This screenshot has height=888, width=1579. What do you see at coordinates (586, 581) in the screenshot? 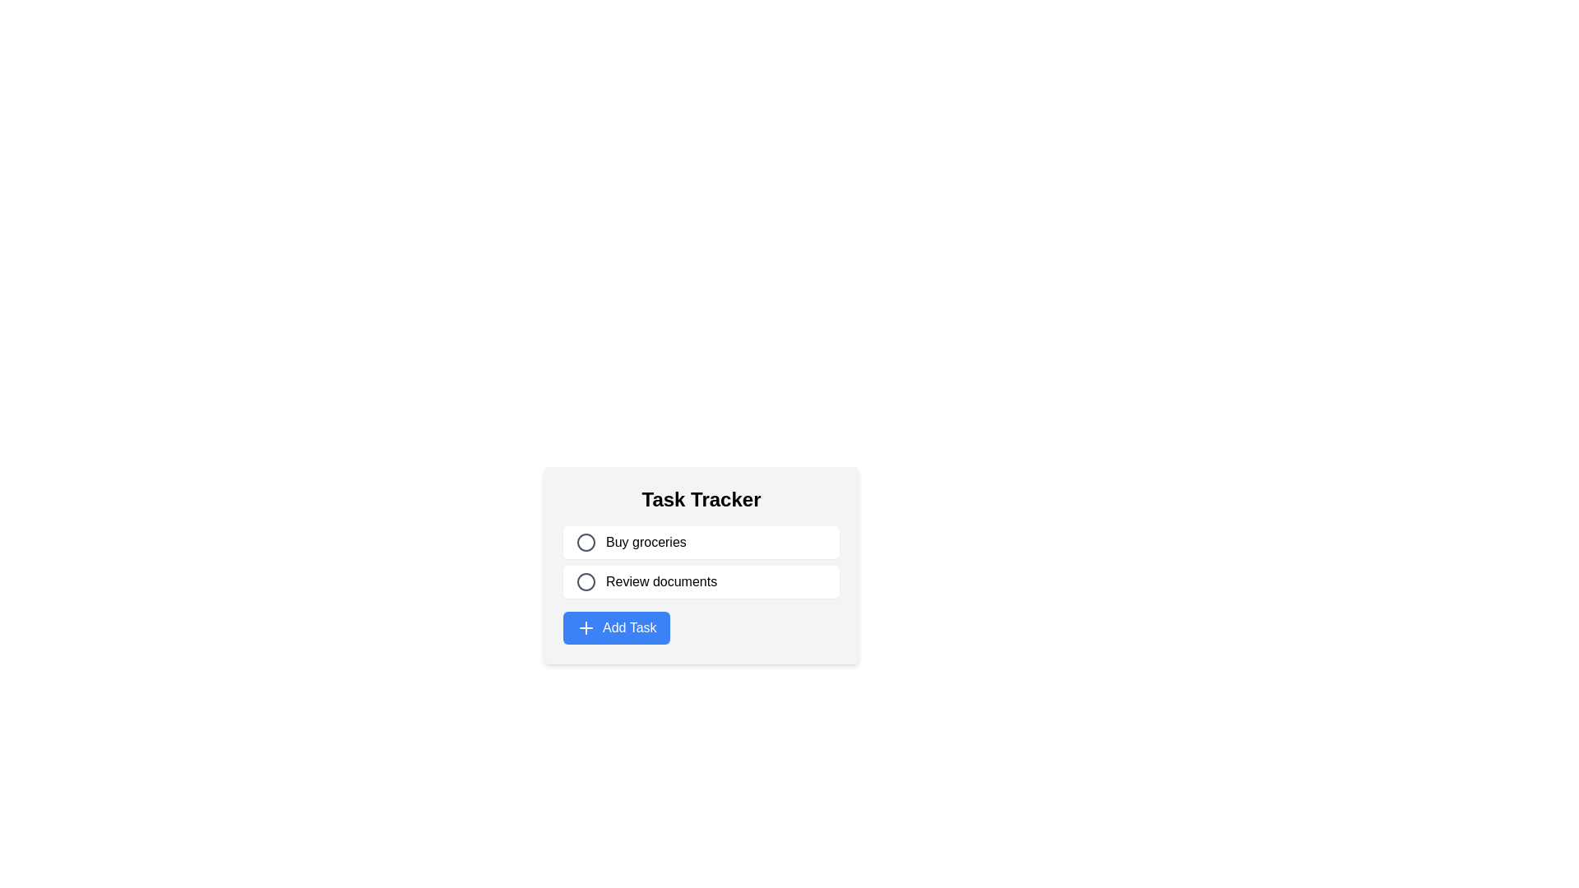
I see `the inner circle of the SVG icon located to the left of the text 'Review documents' in the task list interface` at bounding box center [586, 581].